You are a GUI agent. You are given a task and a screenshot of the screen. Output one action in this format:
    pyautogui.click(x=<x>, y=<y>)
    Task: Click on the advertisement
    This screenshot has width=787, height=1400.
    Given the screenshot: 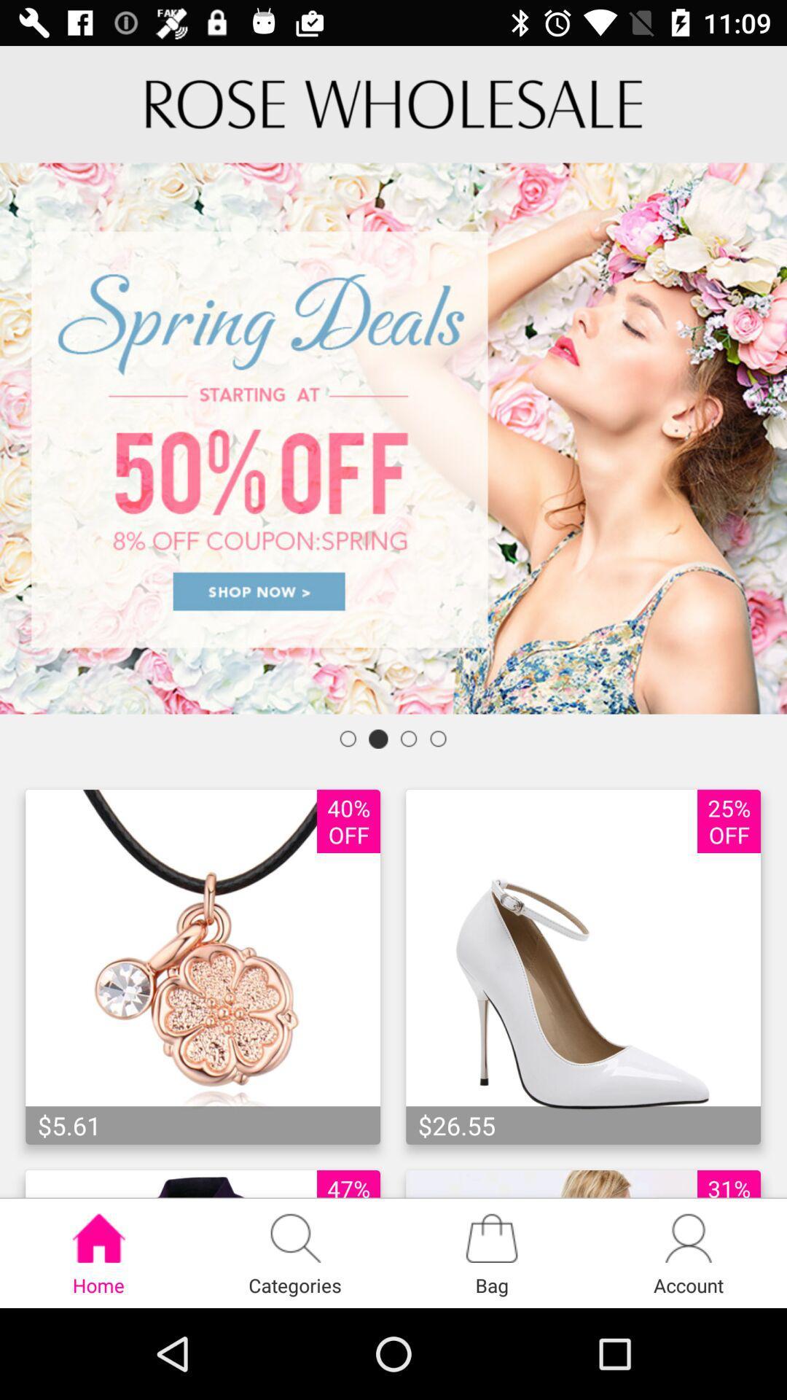 What is the action you would take?
    pyautogui.click(x=393, y=437)
    